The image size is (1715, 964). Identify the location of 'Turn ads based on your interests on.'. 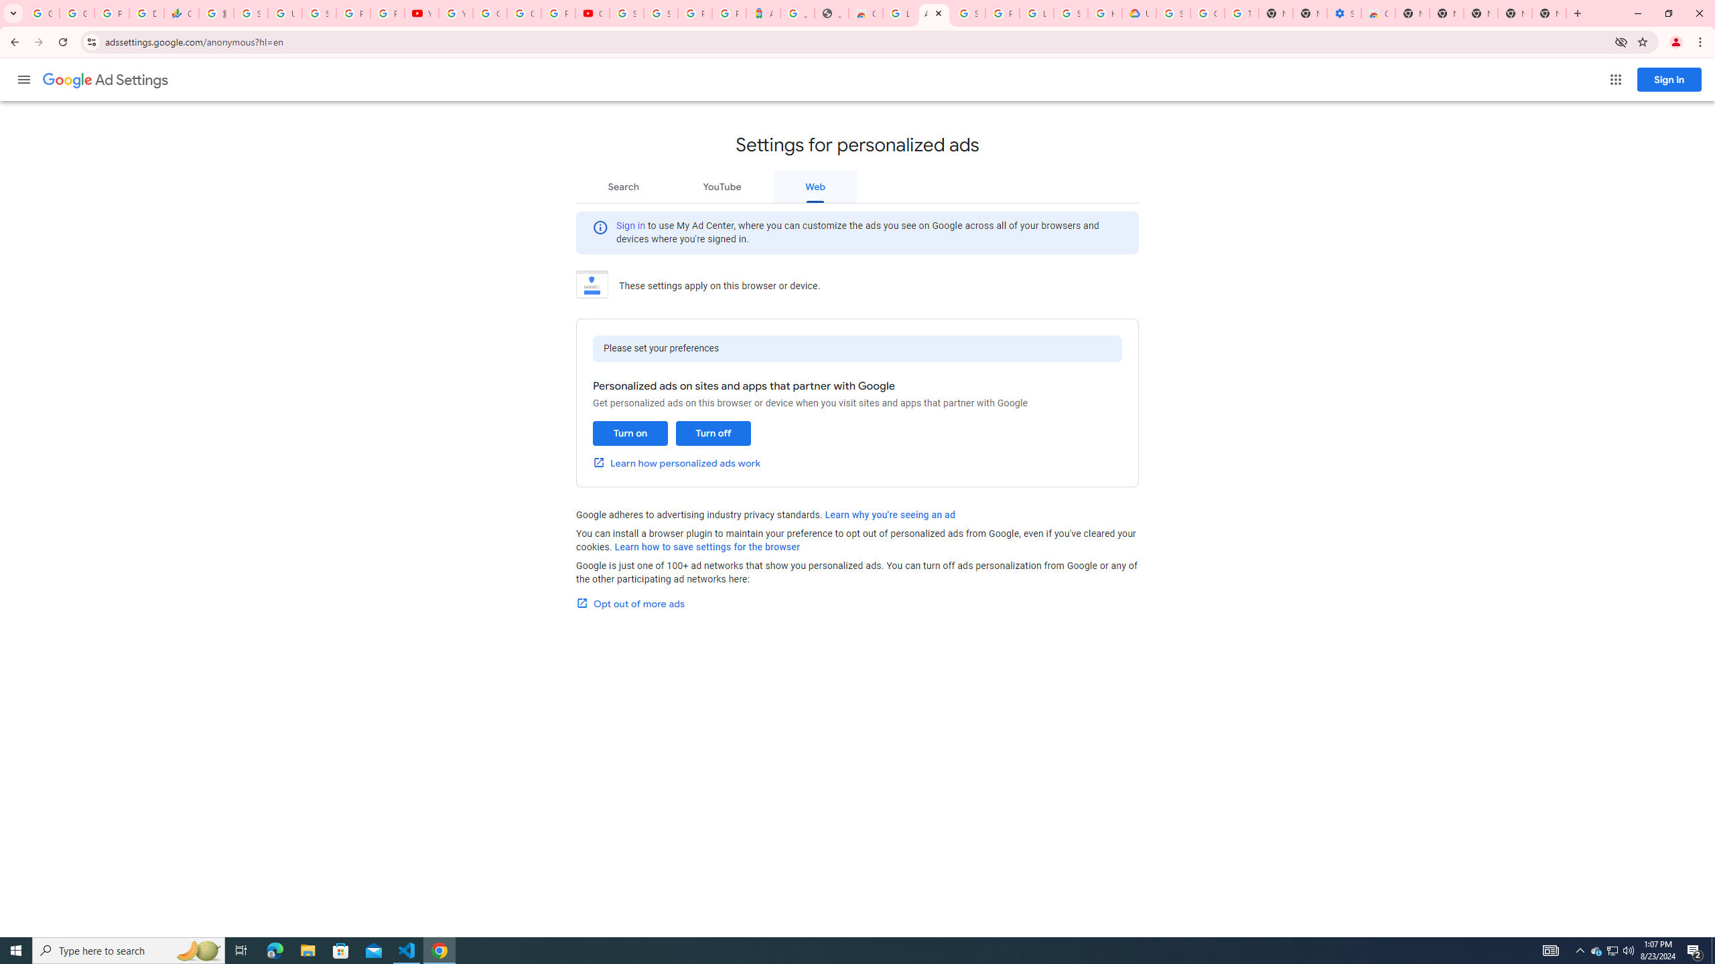
(629, 433).